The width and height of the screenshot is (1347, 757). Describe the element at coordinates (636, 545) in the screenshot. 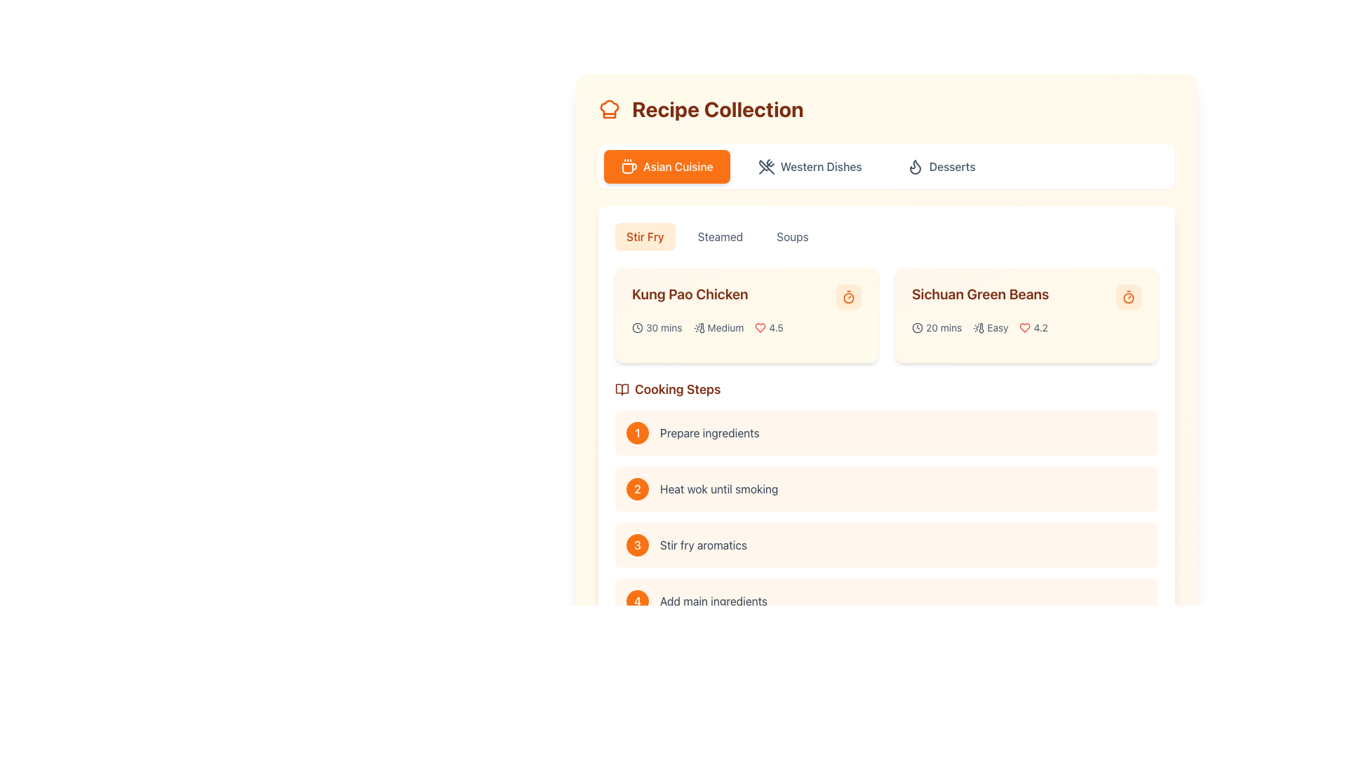

I see `the Step indicator badge, which is a circular badge with an orange background displaying the number '3', positioned to the left of the text 'Stir fry aromatics'` at that location.